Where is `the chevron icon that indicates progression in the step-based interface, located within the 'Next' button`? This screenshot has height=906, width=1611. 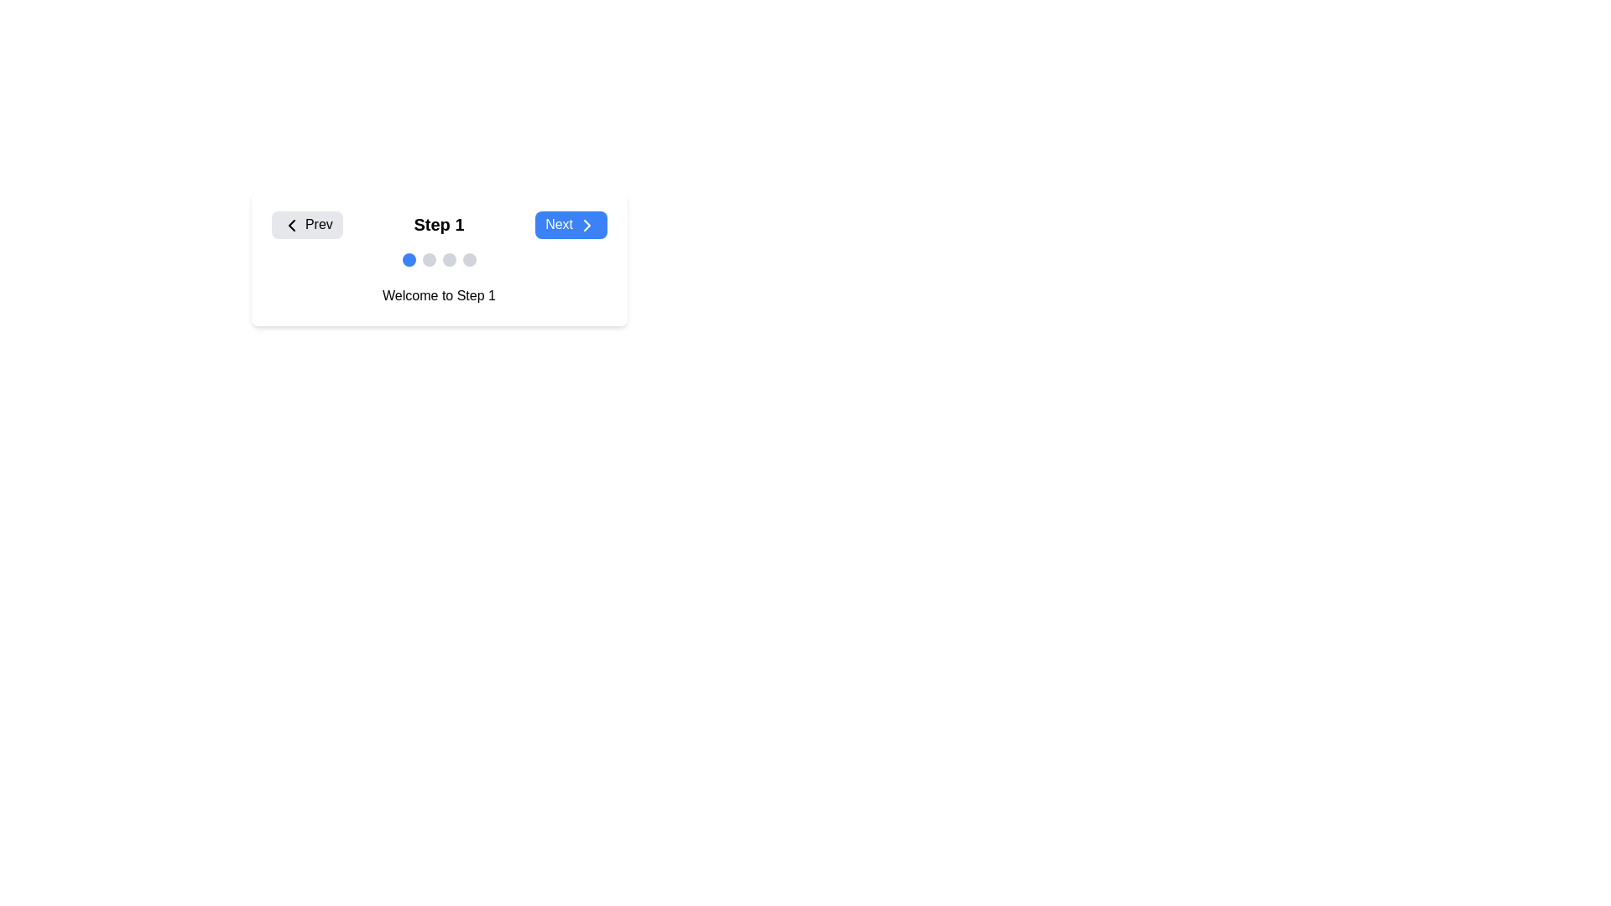 the chevron icon that indicates progression in the step-based interface, located within the 'Next' button is located at coordinates (587, 224).